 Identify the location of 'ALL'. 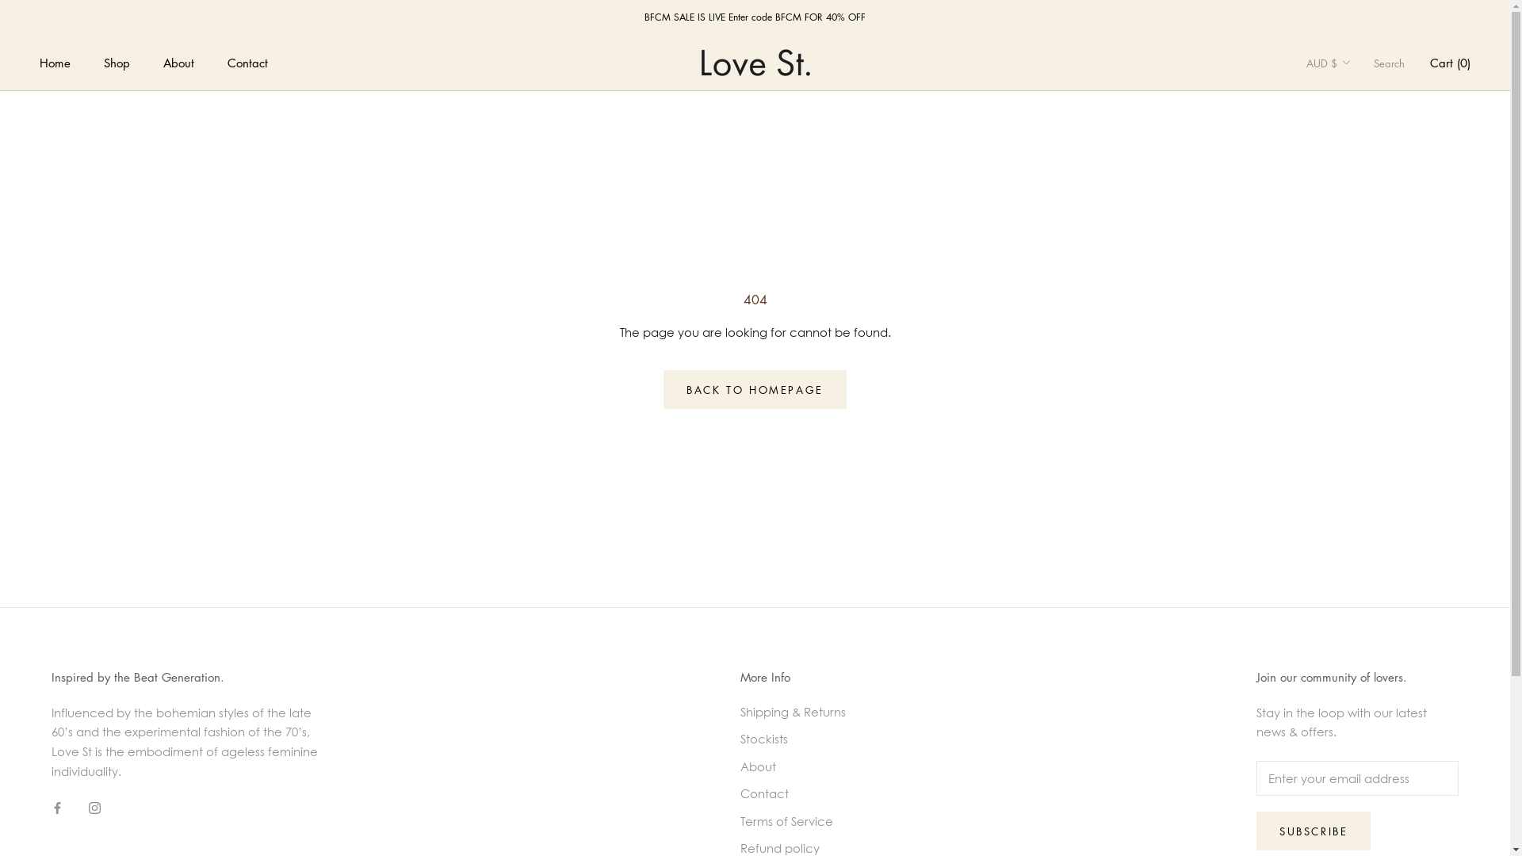
(1353, 149).